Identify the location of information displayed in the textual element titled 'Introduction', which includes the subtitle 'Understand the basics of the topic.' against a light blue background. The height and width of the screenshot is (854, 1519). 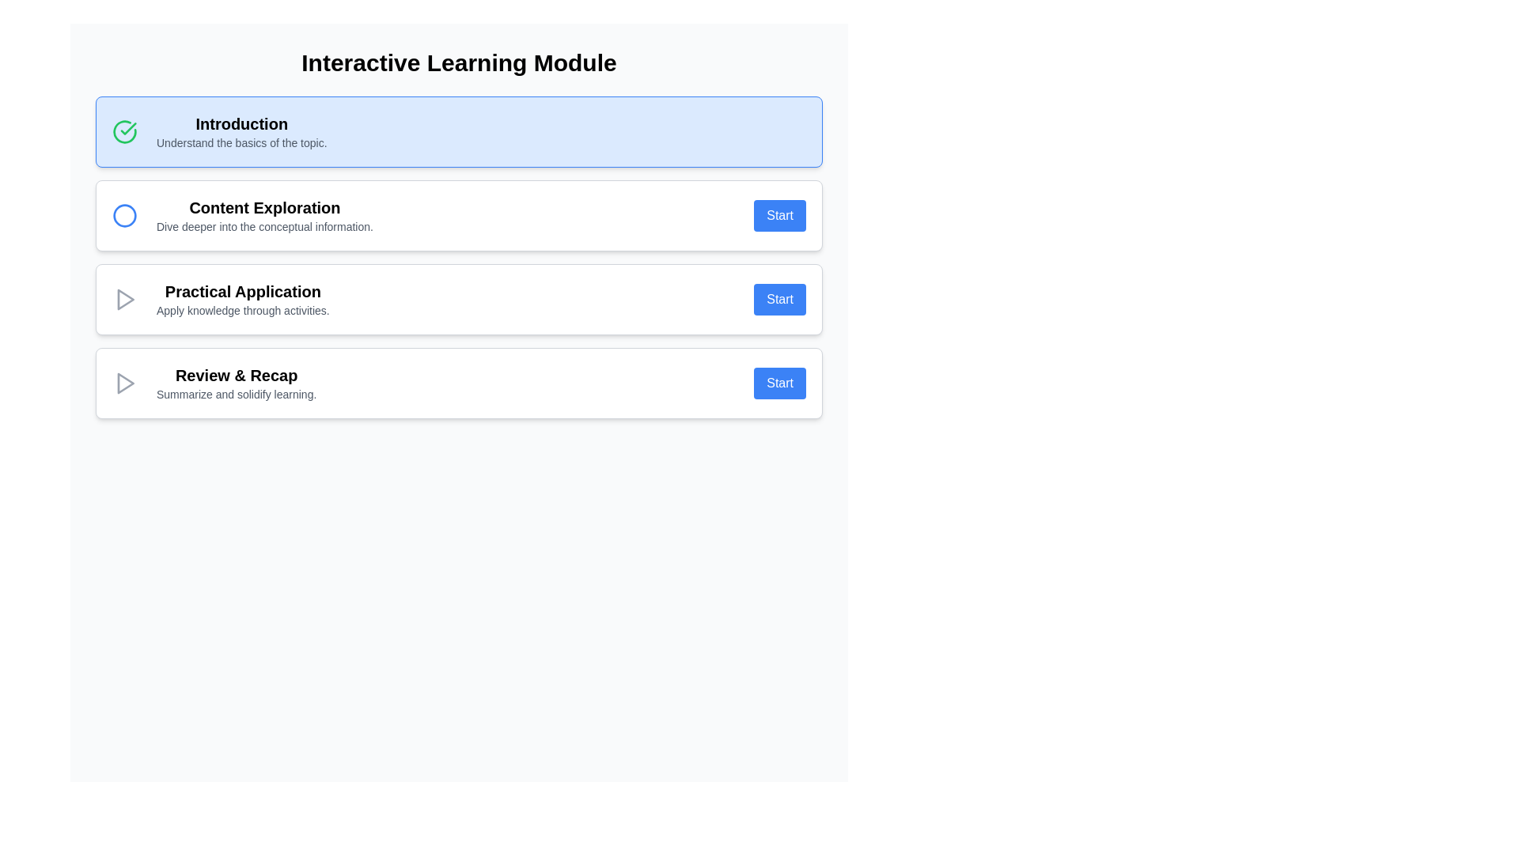
(241, 130).